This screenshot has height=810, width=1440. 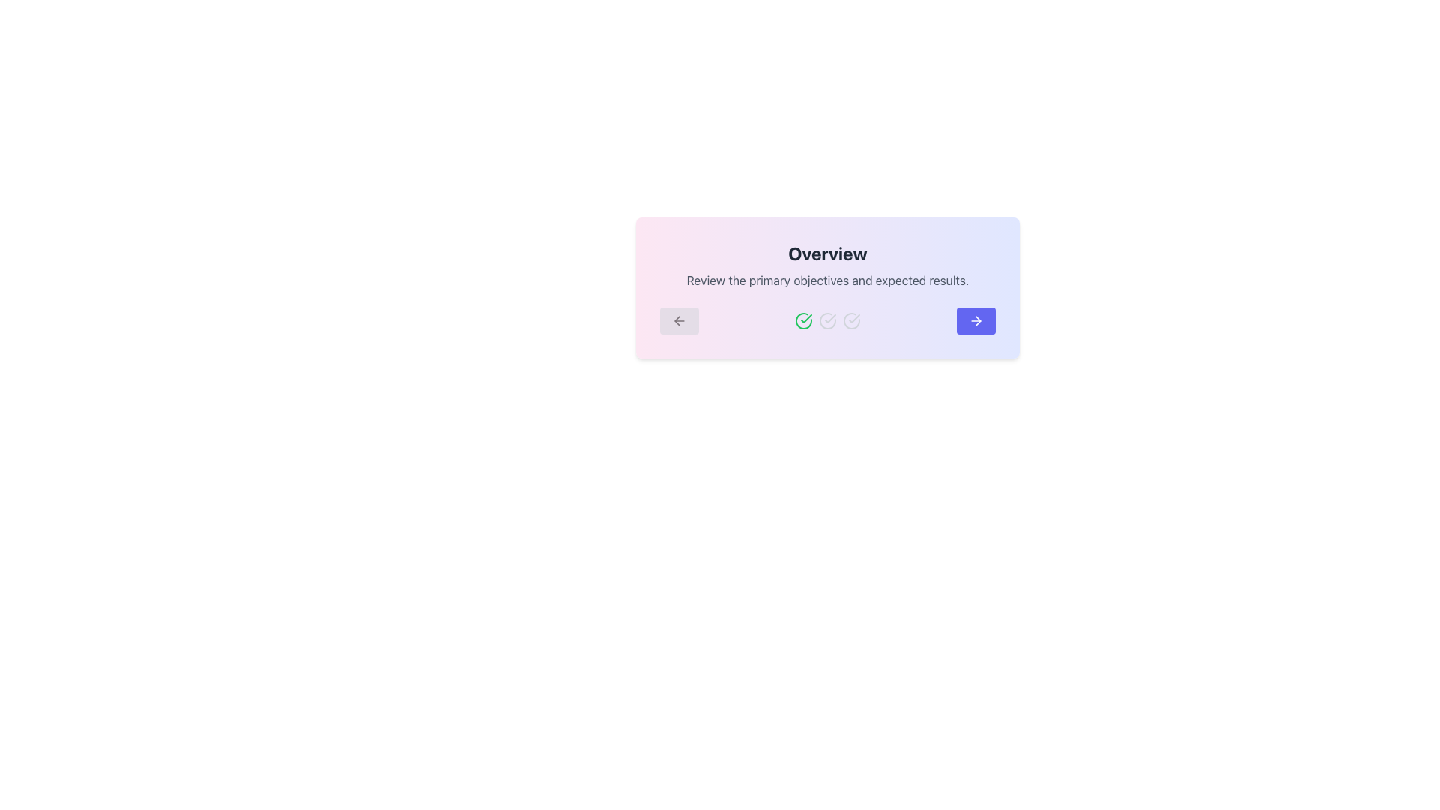 What do you see at coordinates (976, 320) in the screenshot?
I see `the right-facing arrow icon located within the purple square button at the bottom-right of the dialog box titled 'Overview'` at bounding box center [976, 320].